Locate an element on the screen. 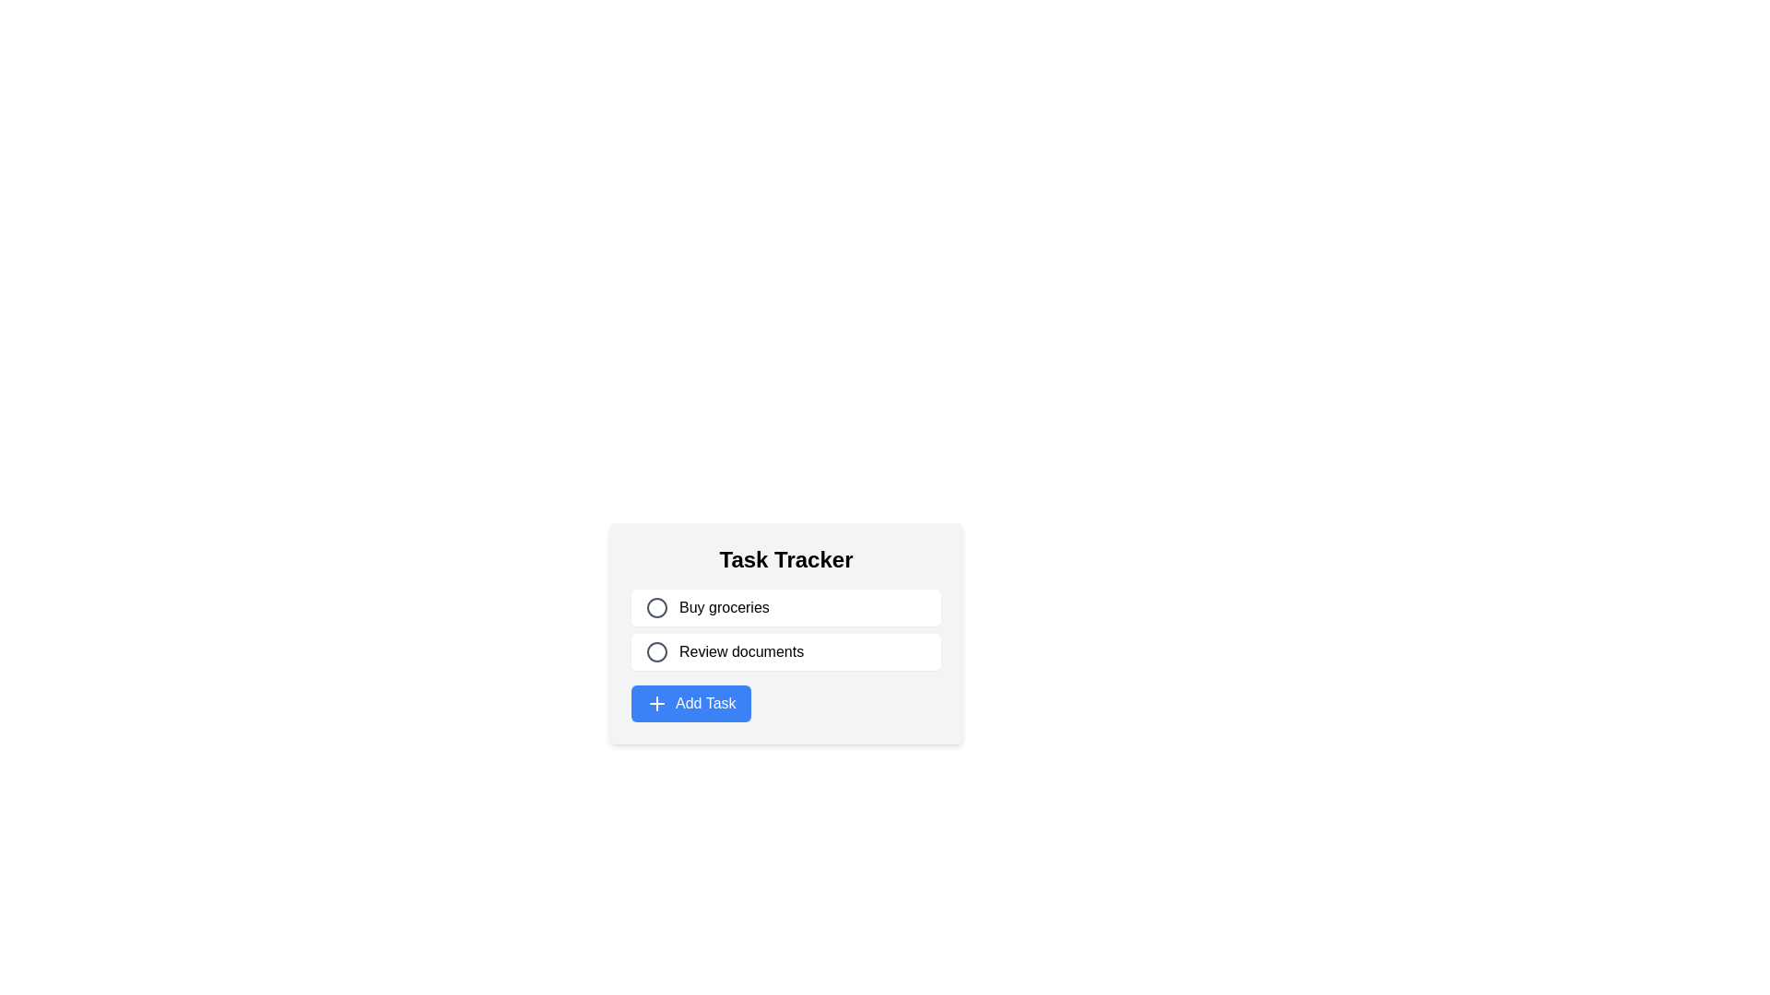 The image size is (1770, 995). the title text element labeled 'Task Tracker' which indicates the context of the tasks listed below is located at coordinates (786, 559).